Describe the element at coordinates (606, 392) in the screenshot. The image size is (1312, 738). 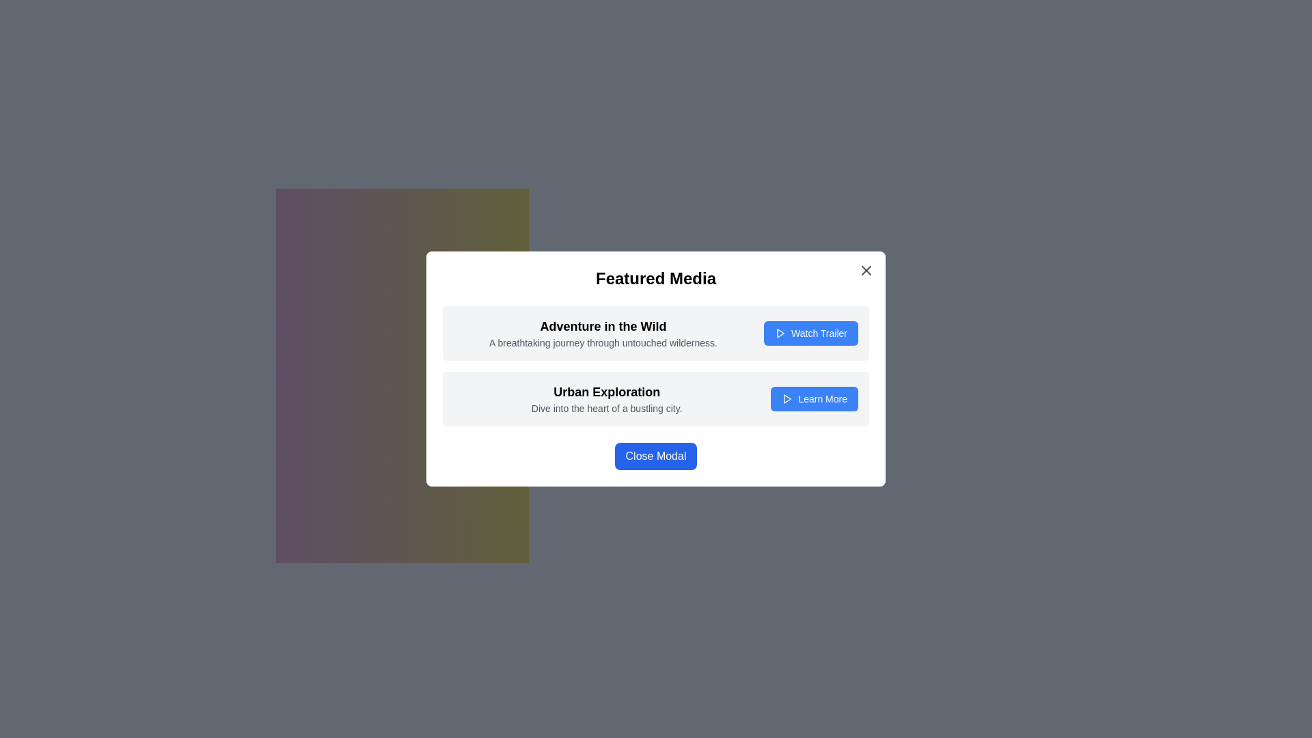
I see `text of the Text Label (Heading) positioned at the top of its group within the modal dialog box, serving as a title for the descriptive text below` at that location.